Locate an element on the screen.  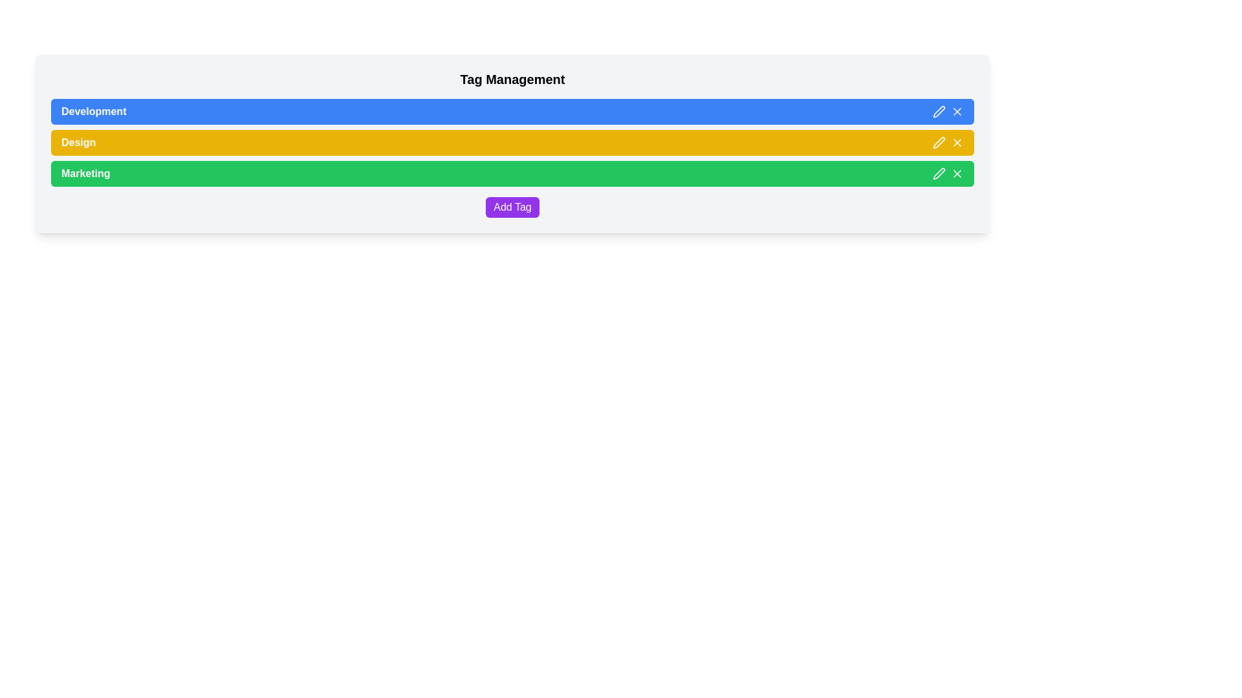
the diagonal cross icon located in the green-colored row labeled 'Marketing' is located at coordinates (957, 173).